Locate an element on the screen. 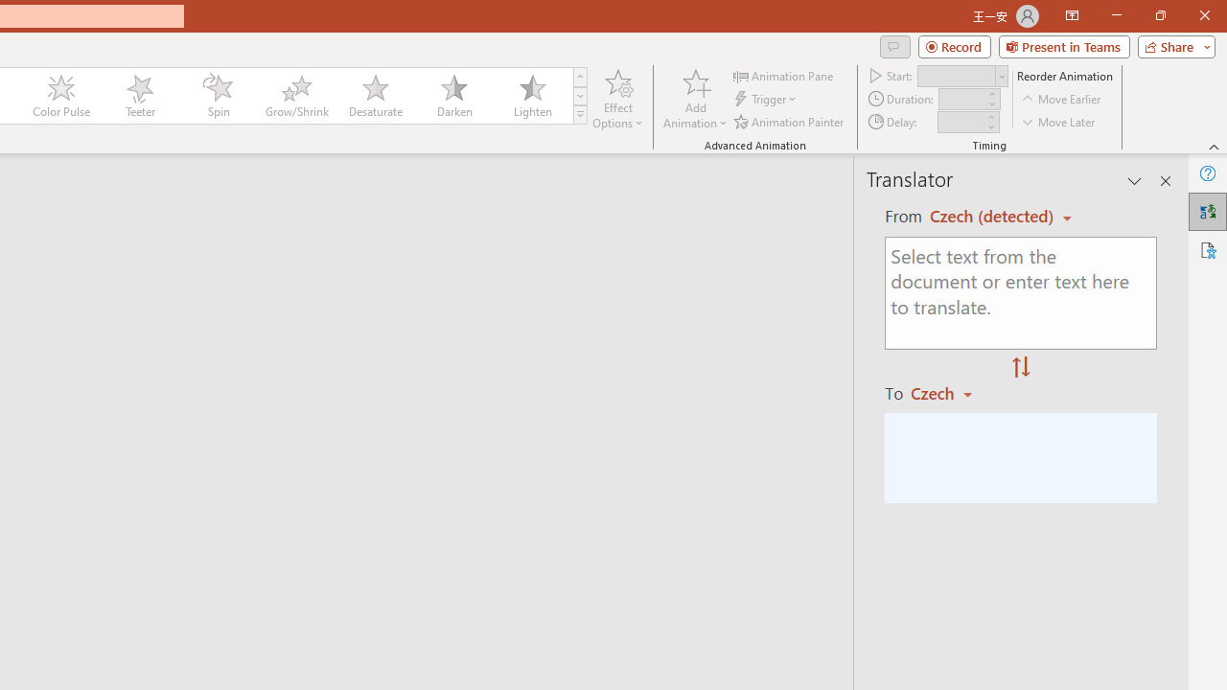 This screenshot has height=690, width=1227. 'Row up' is located at coordinates (579, 76).